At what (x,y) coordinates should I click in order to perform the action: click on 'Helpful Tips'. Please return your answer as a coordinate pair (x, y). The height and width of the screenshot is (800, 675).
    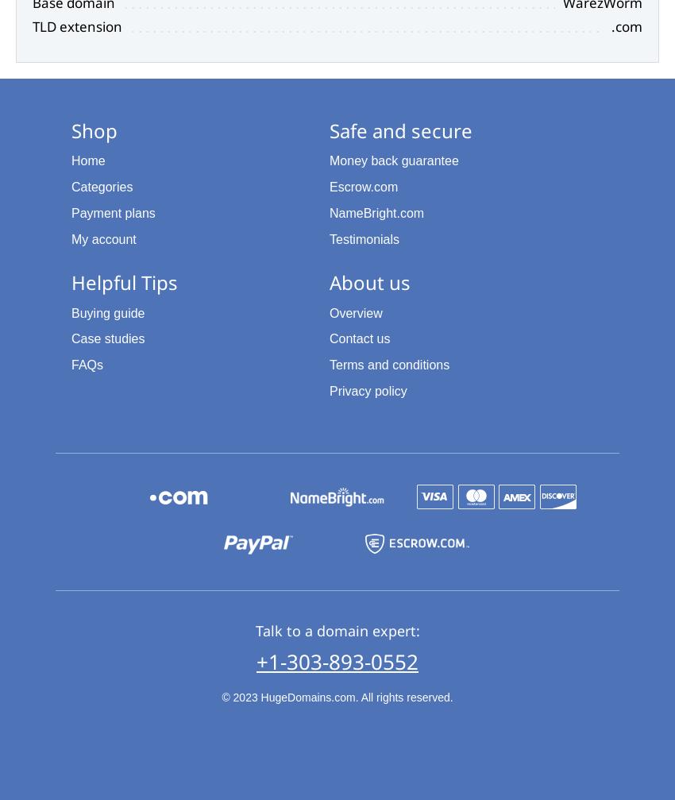
    Looking at the image, I should click on (124, 282).